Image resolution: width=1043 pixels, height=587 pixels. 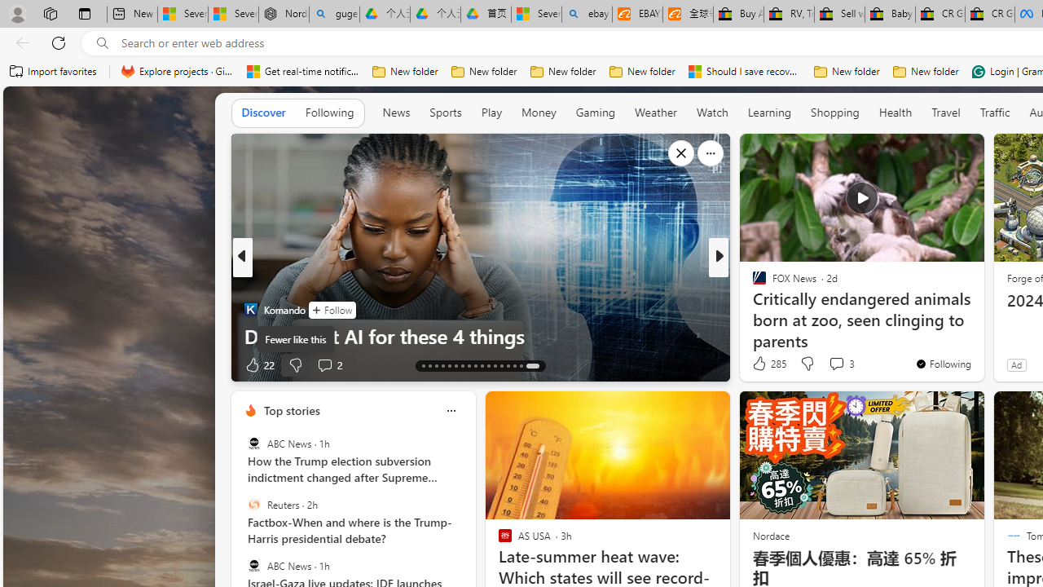 What do you see at coordinates (835, 112) in the screenshot?
I see `'Shopping'` at bounding box center [835, 112].